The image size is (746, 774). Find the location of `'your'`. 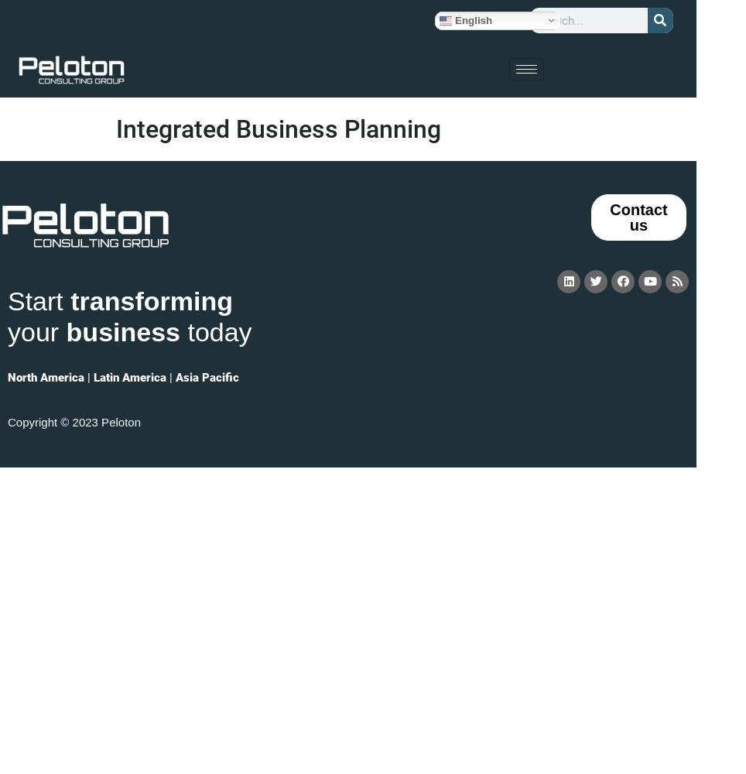

'your' is located at coordinates (36, 331).